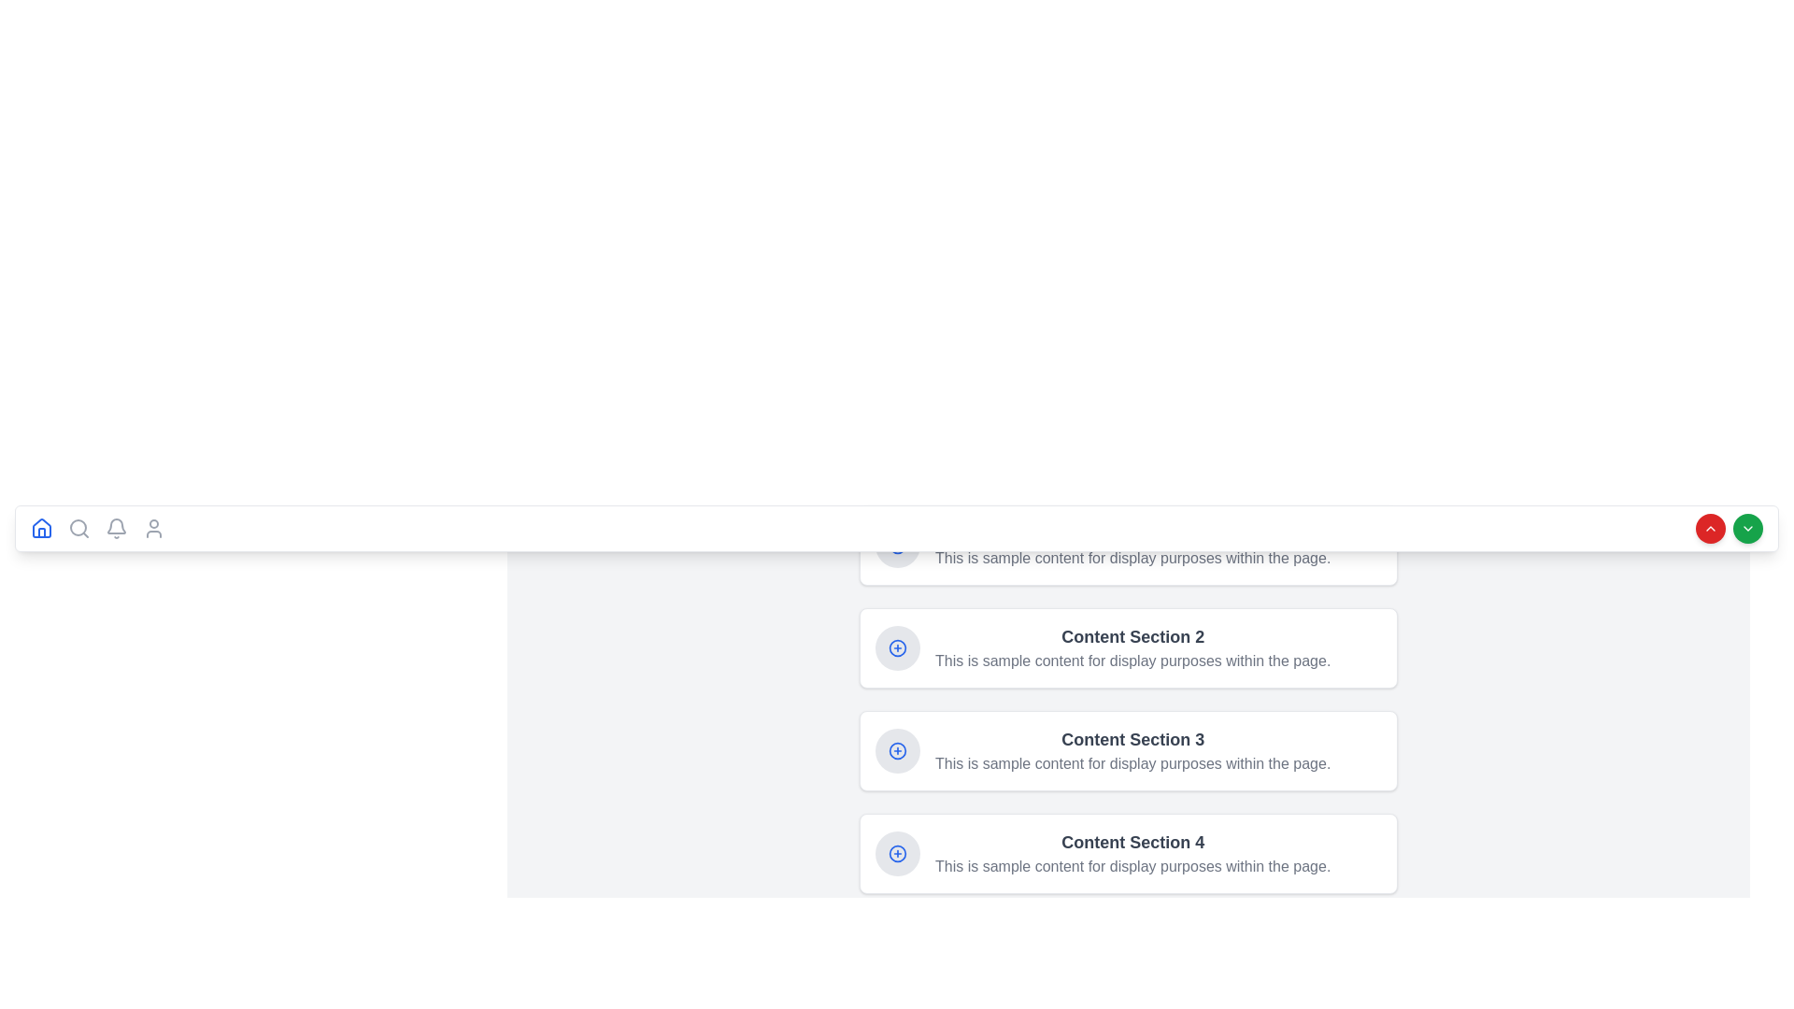 This screenshot has width=1794, height=1009. What do you see at coordinates (1132, 843) in the screenshot?
I see `text of the label that is part of the fourth content block in a vertical list, providing context for the section` at bounding box center [1132, 843].